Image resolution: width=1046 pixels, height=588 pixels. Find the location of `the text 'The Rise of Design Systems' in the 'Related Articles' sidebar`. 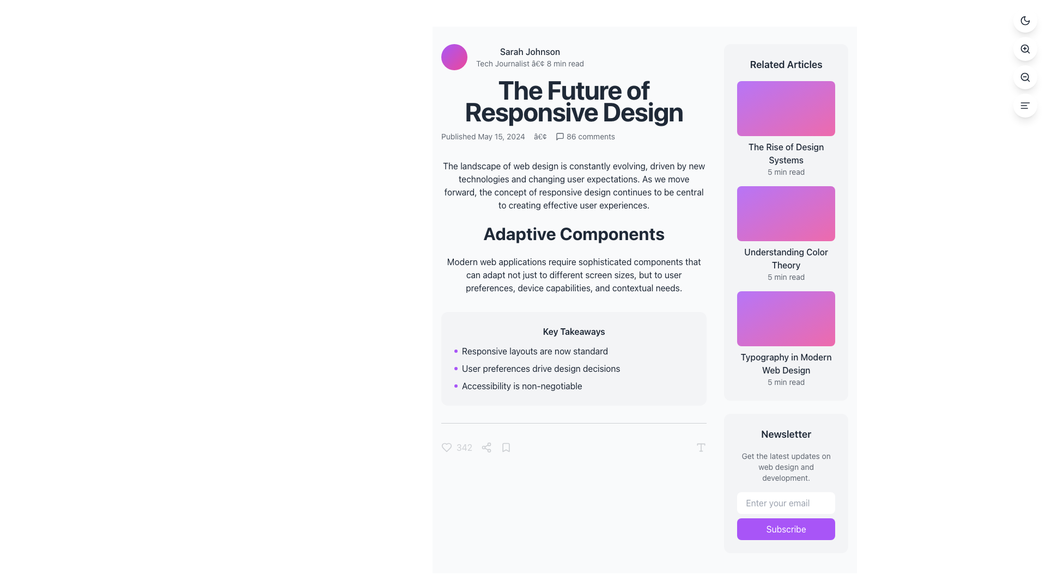

the text 'The Rise of Design Systems' in the 'Related Articles' sidebar is located at coordinates (786, 154).